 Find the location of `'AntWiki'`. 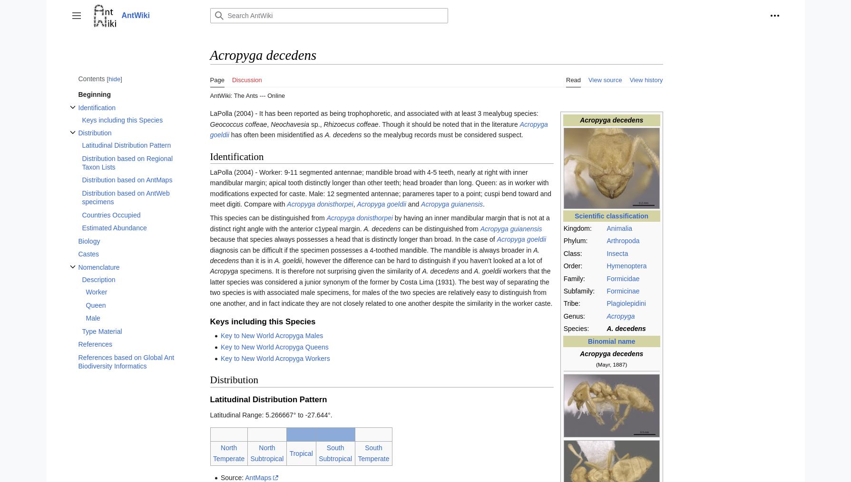

'AntWiki' is located at coordinates (121, 15).